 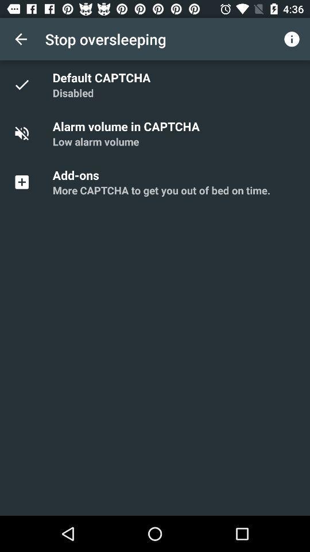 What do you see at coordinates (77, 175) in the screenshot?
I see `the add-ons icon` at bounding box center [77, 175].